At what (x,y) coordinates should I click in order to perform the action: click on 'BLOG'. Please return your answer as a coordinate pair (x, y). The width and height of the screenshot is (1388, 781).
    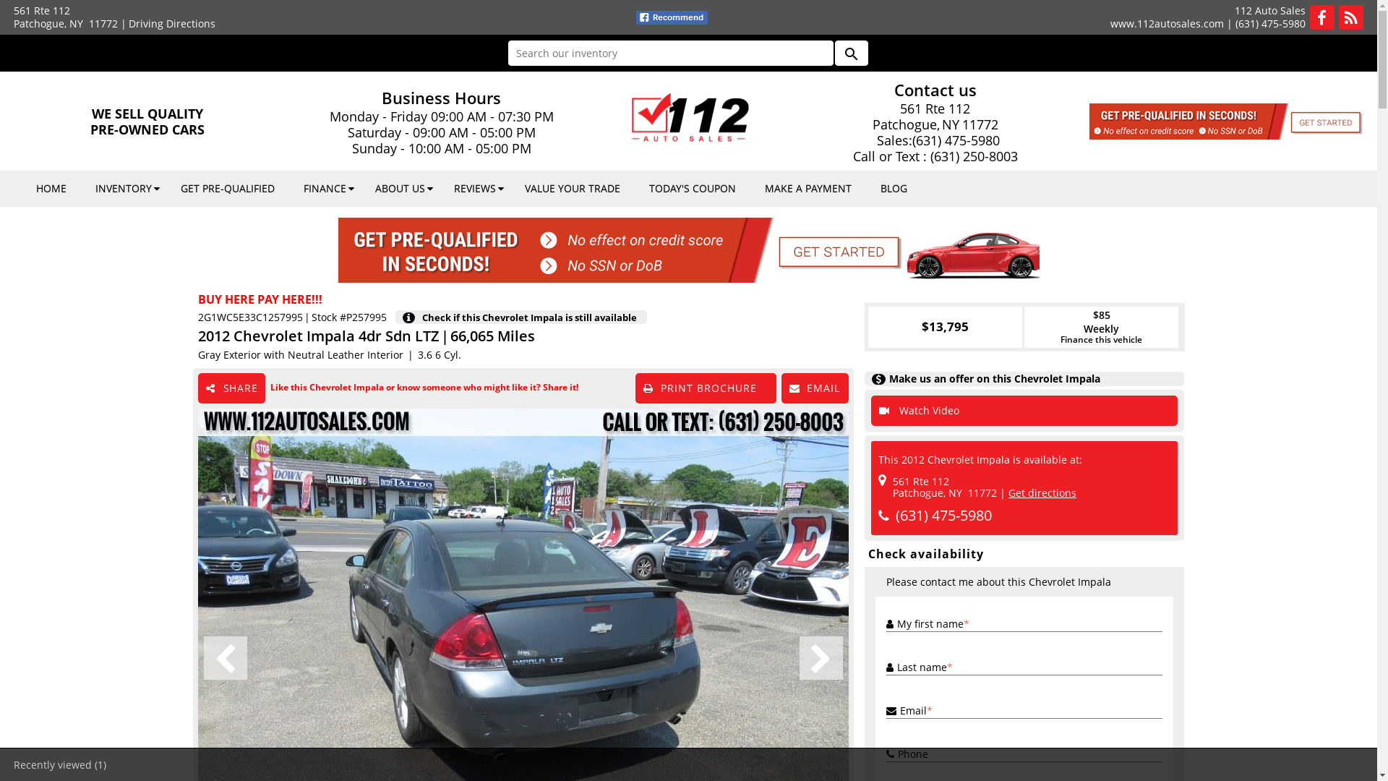
    Looking at the image, I should click on (893, 188).